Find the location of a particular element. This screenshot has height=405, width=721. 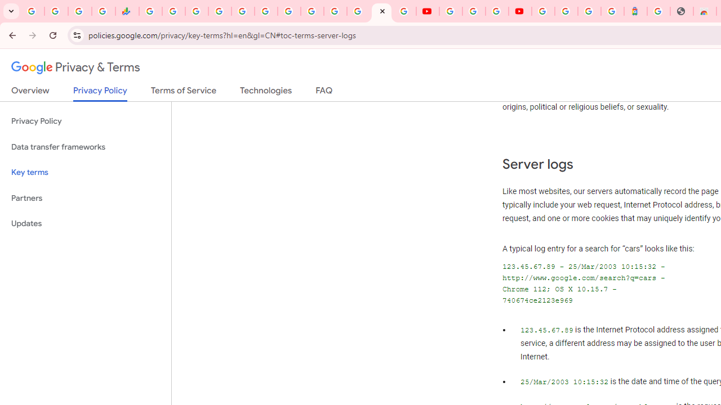

'Sign in - Google Accounts' is located at coordinates (566, 11).